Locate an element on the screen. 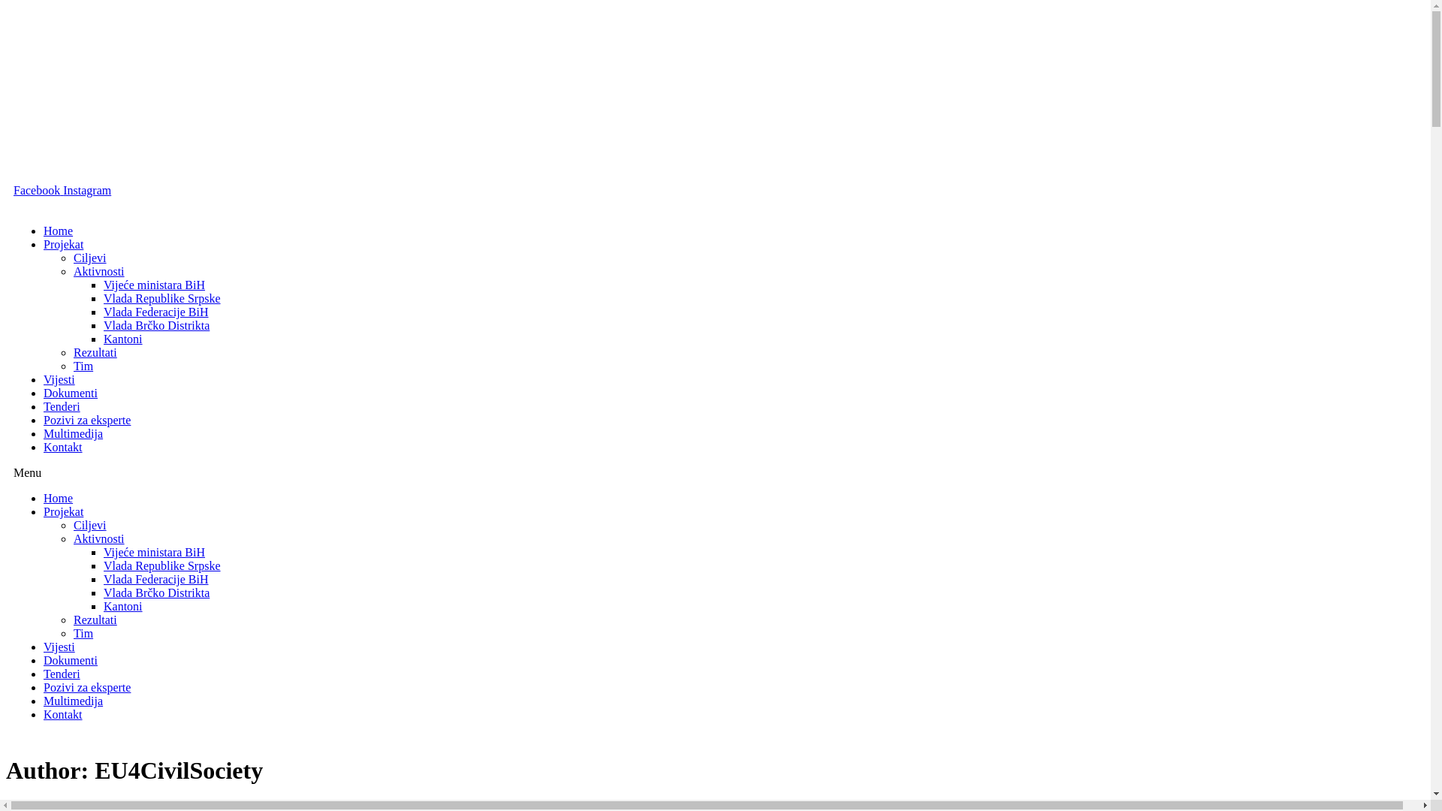  'Projekat' is located at coordinates (43, 511).